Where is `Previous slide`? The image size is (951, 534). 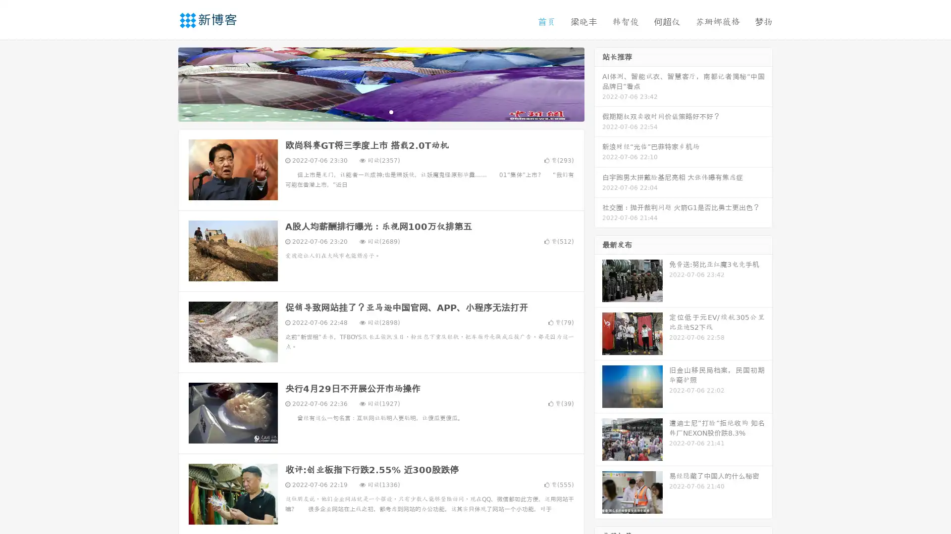 Previous slide is located at coordinates (163, 83).